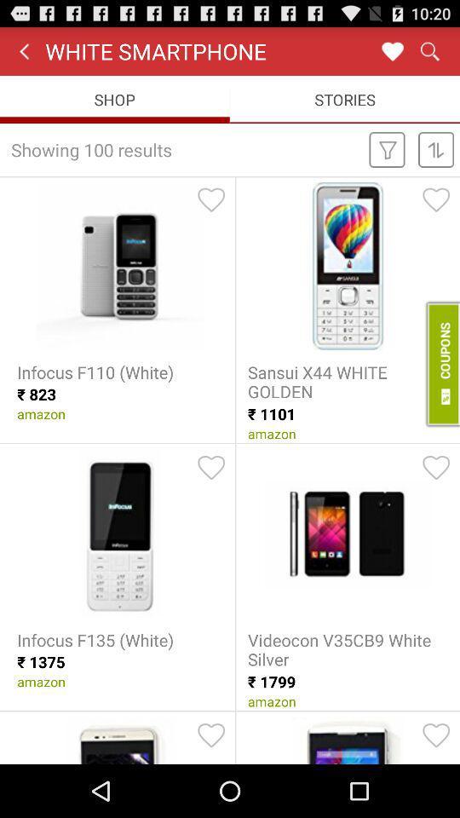 The image size is (460, 818). I want to click on favourite the item, so click(211, 468).